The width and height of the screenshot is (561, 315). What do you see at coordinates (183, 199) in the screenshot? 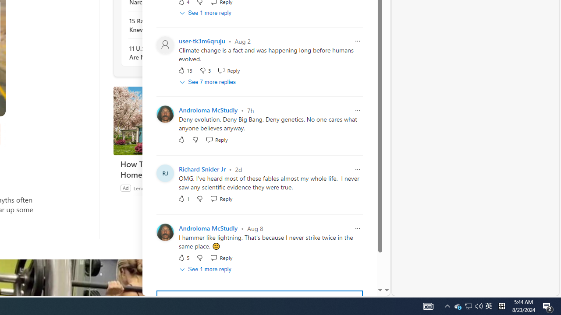
I see `'1 Like'` at bounding box center [183, 199].